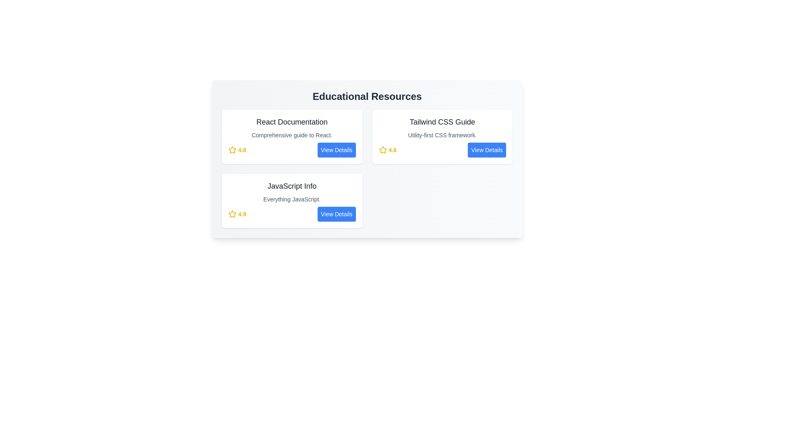 This screenshot has height=444, width=790. Describe the element at coordinates (292, 186) in the screenshot. I see `the title of the resource JavaScript Info` at that location.